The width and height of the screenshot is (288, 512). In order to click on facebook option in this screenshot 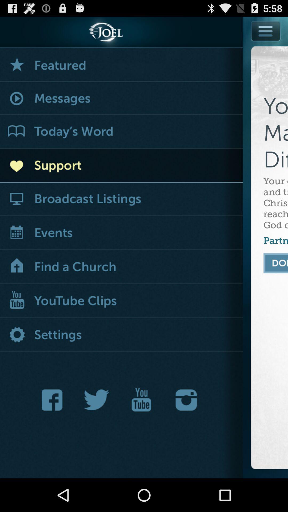, I will do `click(54, 400)`.